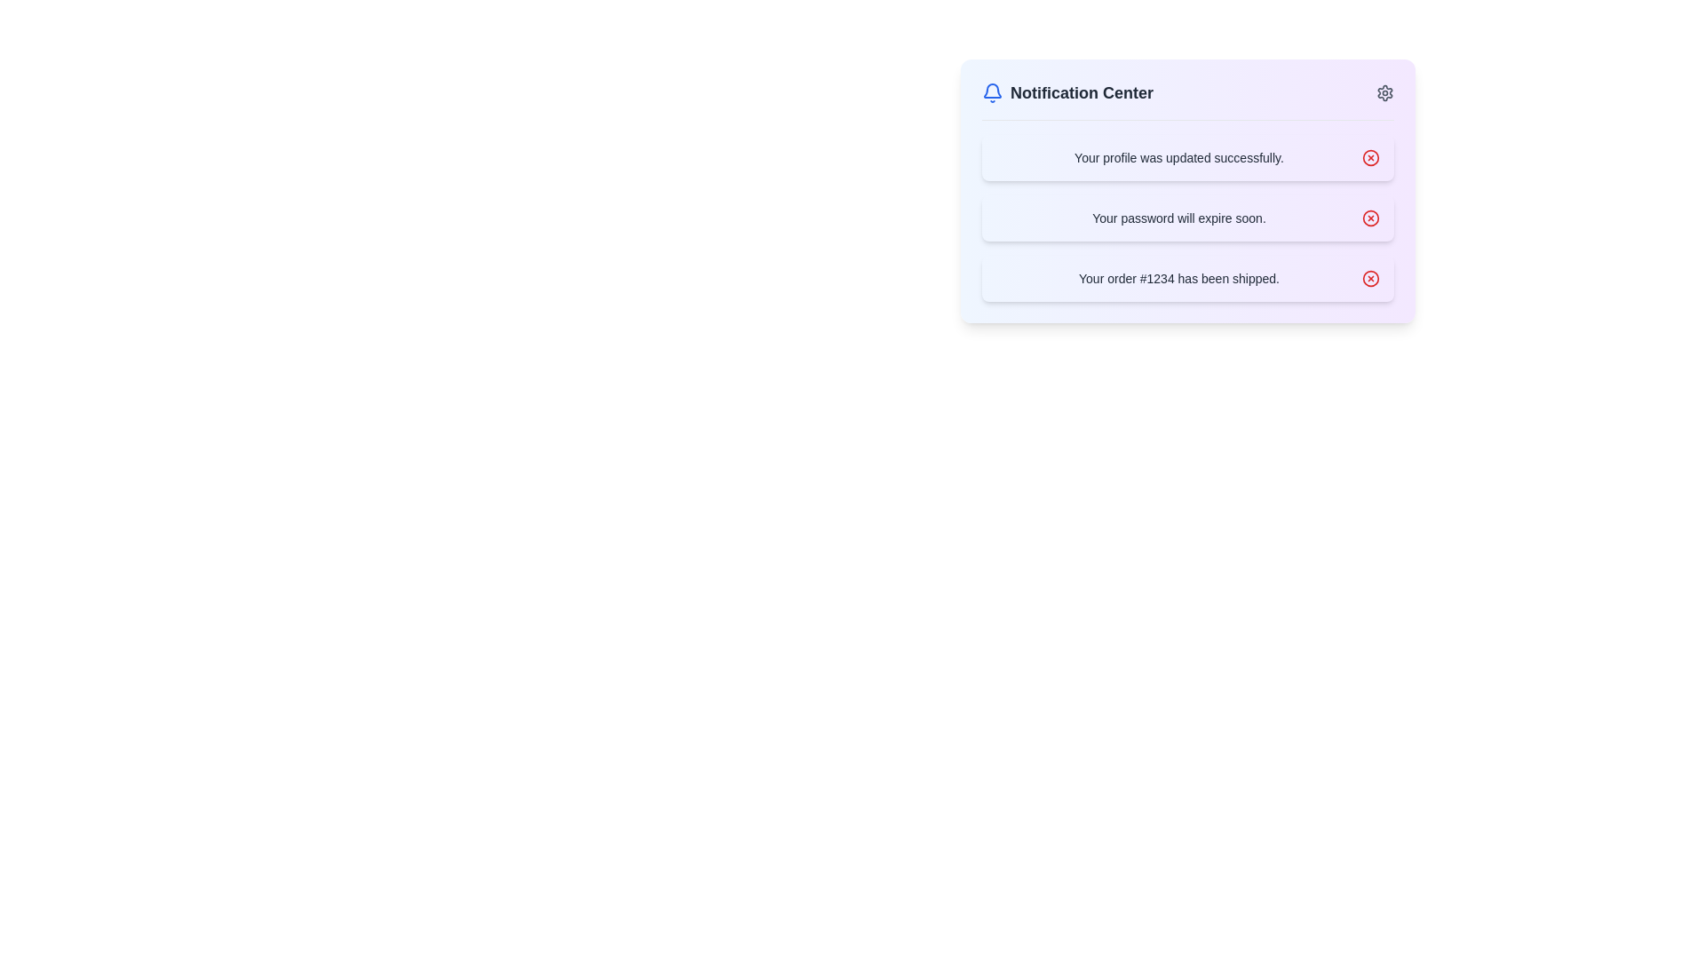 Image resolution: width=1705 pixels, height=959 pixels. I want to click on the text label displaying 'Your password will expire soon.' in the center-left area of the notification card, which is styled with a light yellow background and is the second card in a vertical stack, so click(1179, 218).